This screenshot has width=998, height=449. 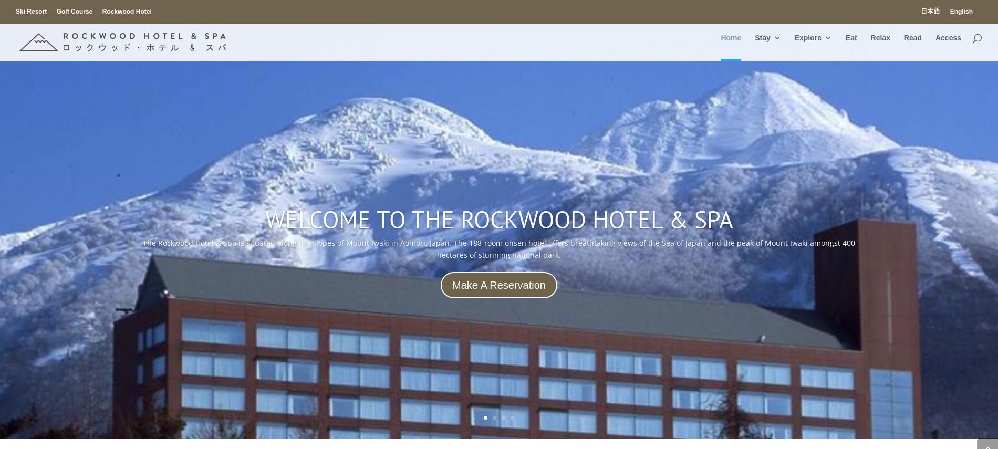 I want to click on 'Trekking', so click(x=830, y=110).